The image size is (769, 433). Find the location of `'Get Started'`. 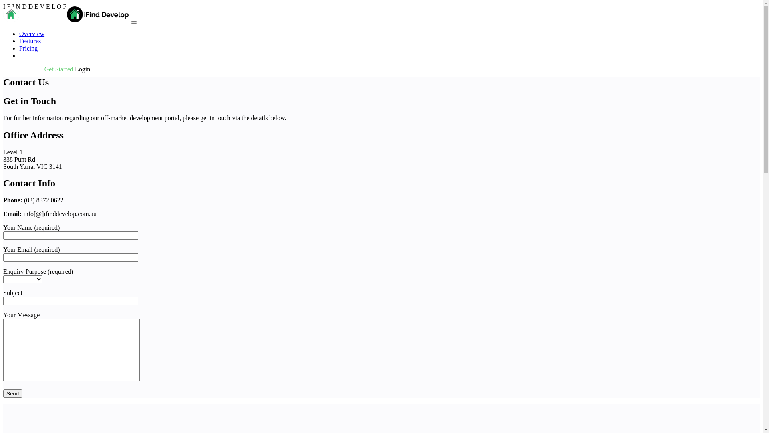

'Get Started' is located at coordinates (59, 69).